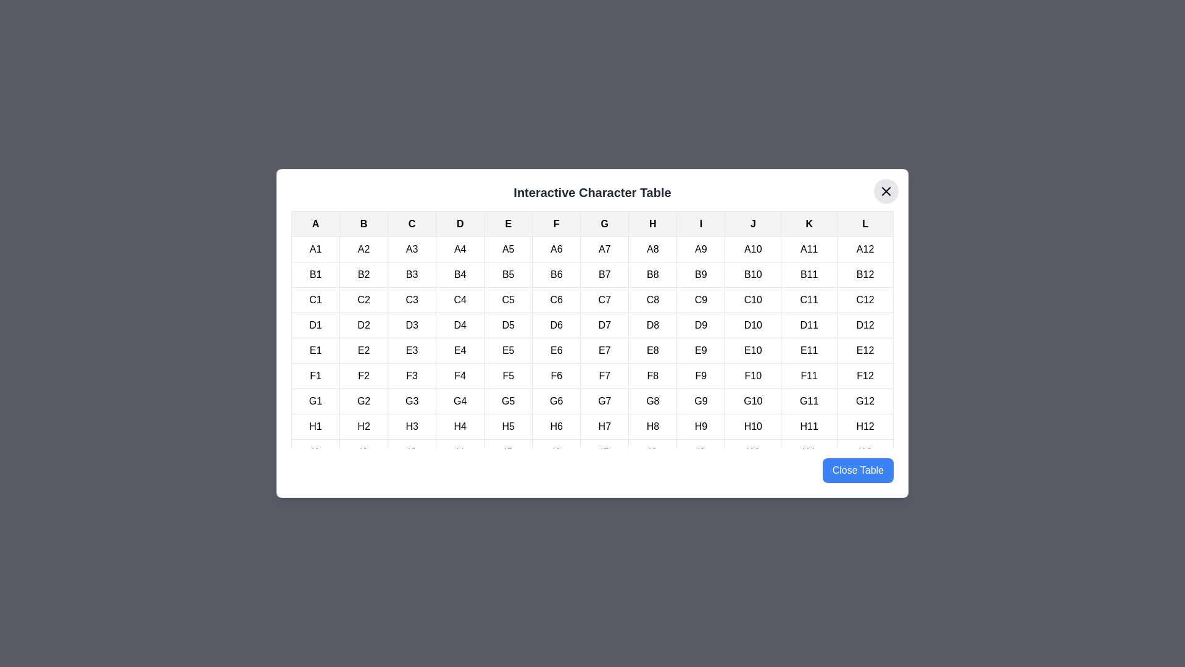 This screenshot has width=1185, height=667. Describe the element at coordinates (857, 471) in the screenshot. I see `the 'Close Table' button to close the dialog` at that location.